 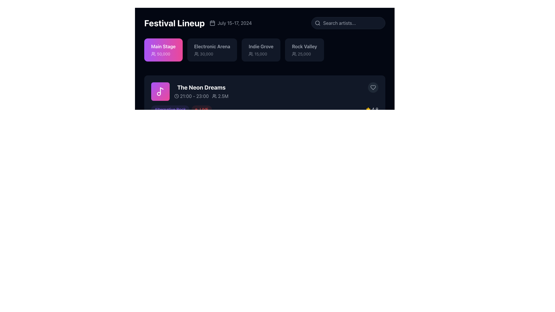 I want to click on the Rating indicator with a gold star icon and the text '4.8' in gray color, located in the bottom right portion of the surrounding area for the music performance metadata, so click(x=372, y=109).